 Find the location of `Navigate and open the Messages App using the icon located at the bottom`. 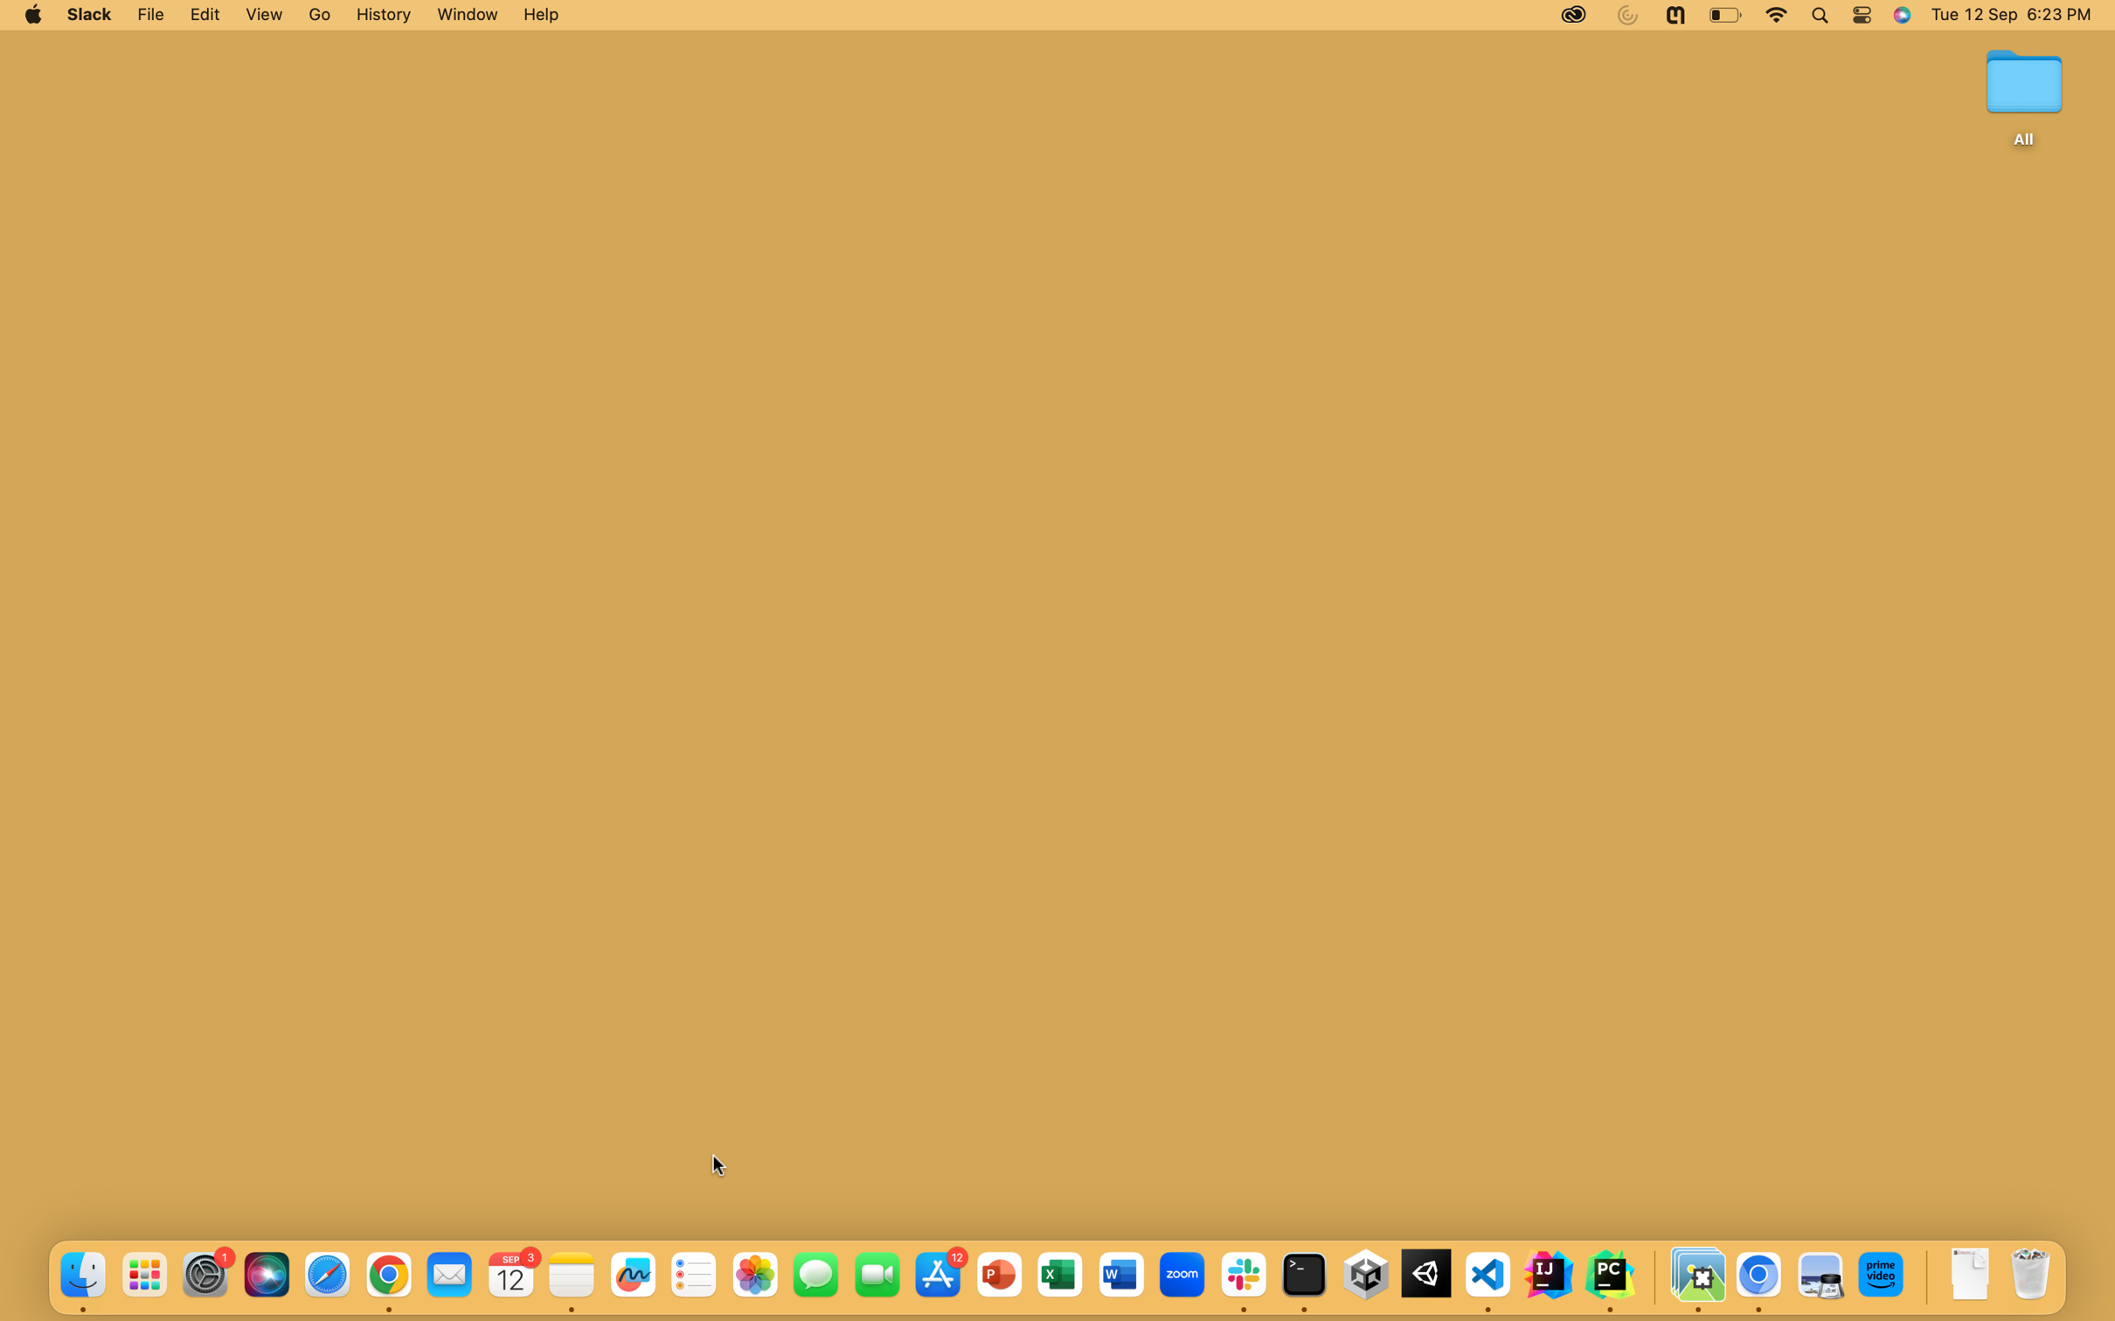

Navigate and open the Messages App using the icon located at the bottom is located at coordinates (814, 1274).